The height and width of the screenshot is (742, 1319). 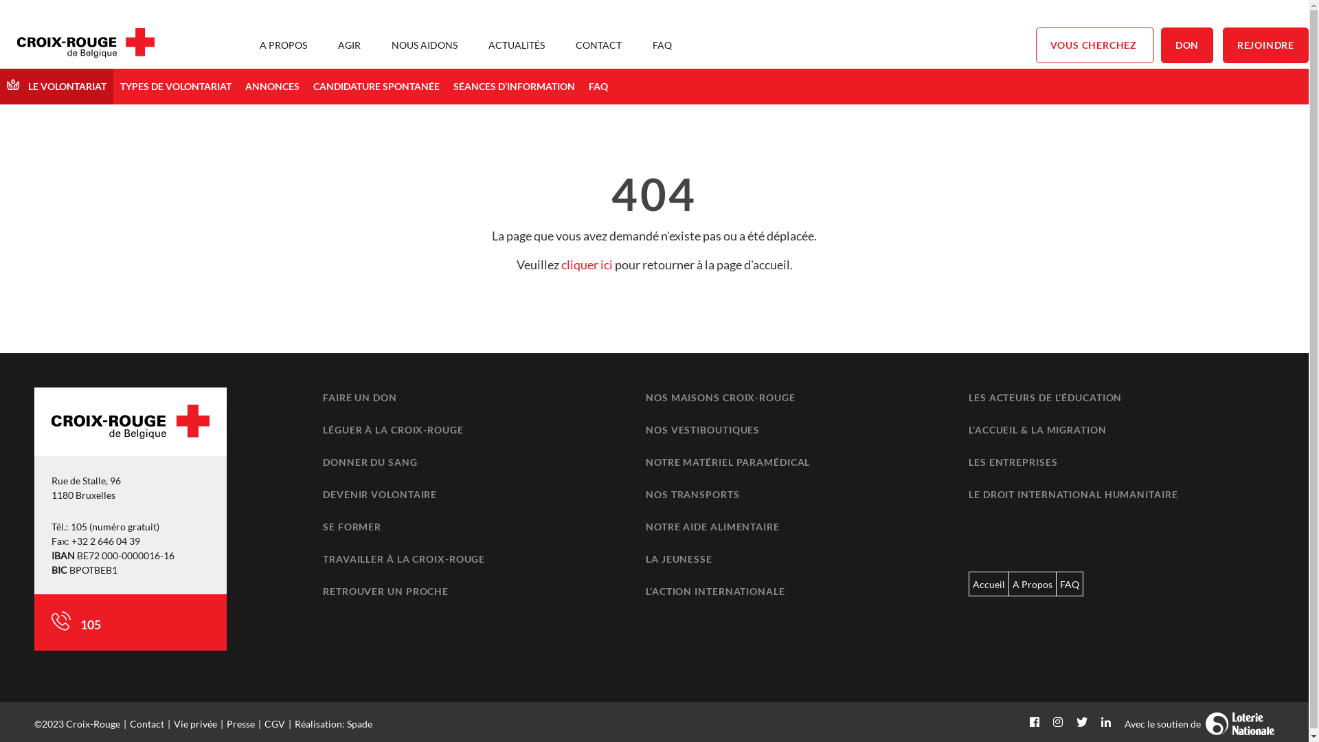 I want to click on 'A PROPOS', so click(x=282, y=44).